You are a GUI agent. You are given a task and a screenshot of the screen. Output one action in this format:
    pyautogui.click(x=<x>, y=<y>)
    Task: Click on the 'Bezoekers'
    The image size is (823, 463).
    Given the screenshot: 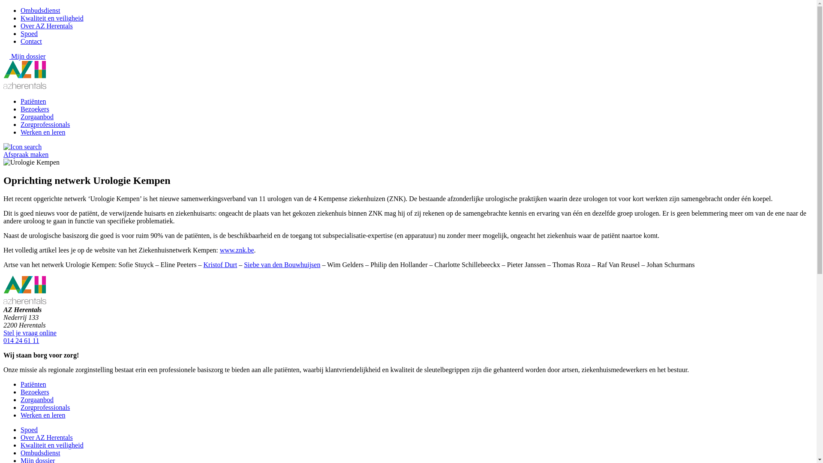 What is the action you would take?
    pyautogui.click(x=21, y=392)
    